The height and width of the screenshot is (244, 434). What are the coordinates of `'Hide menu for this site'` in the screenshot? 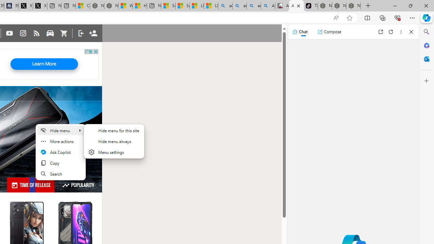 It's located at (114, 130).